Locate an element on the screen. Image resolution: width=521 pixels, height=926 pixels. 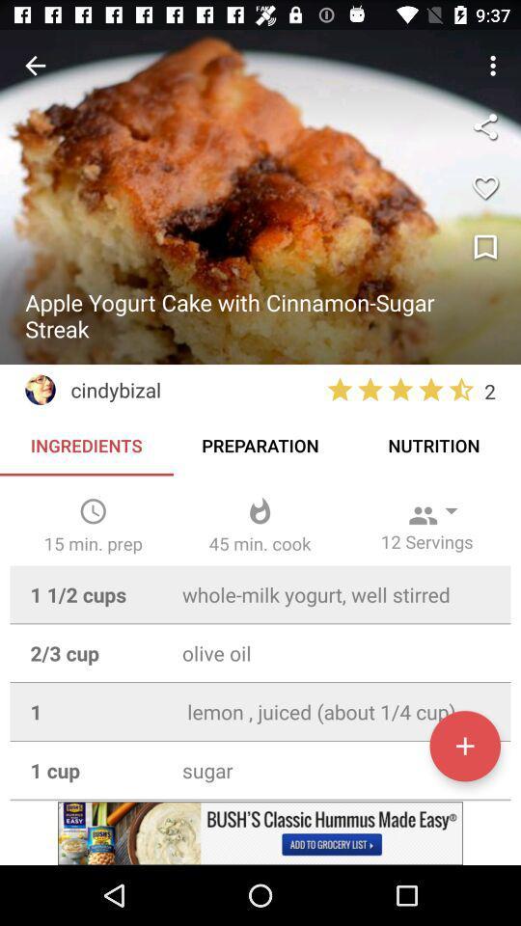
recipe is located at coordinates (464, 745).